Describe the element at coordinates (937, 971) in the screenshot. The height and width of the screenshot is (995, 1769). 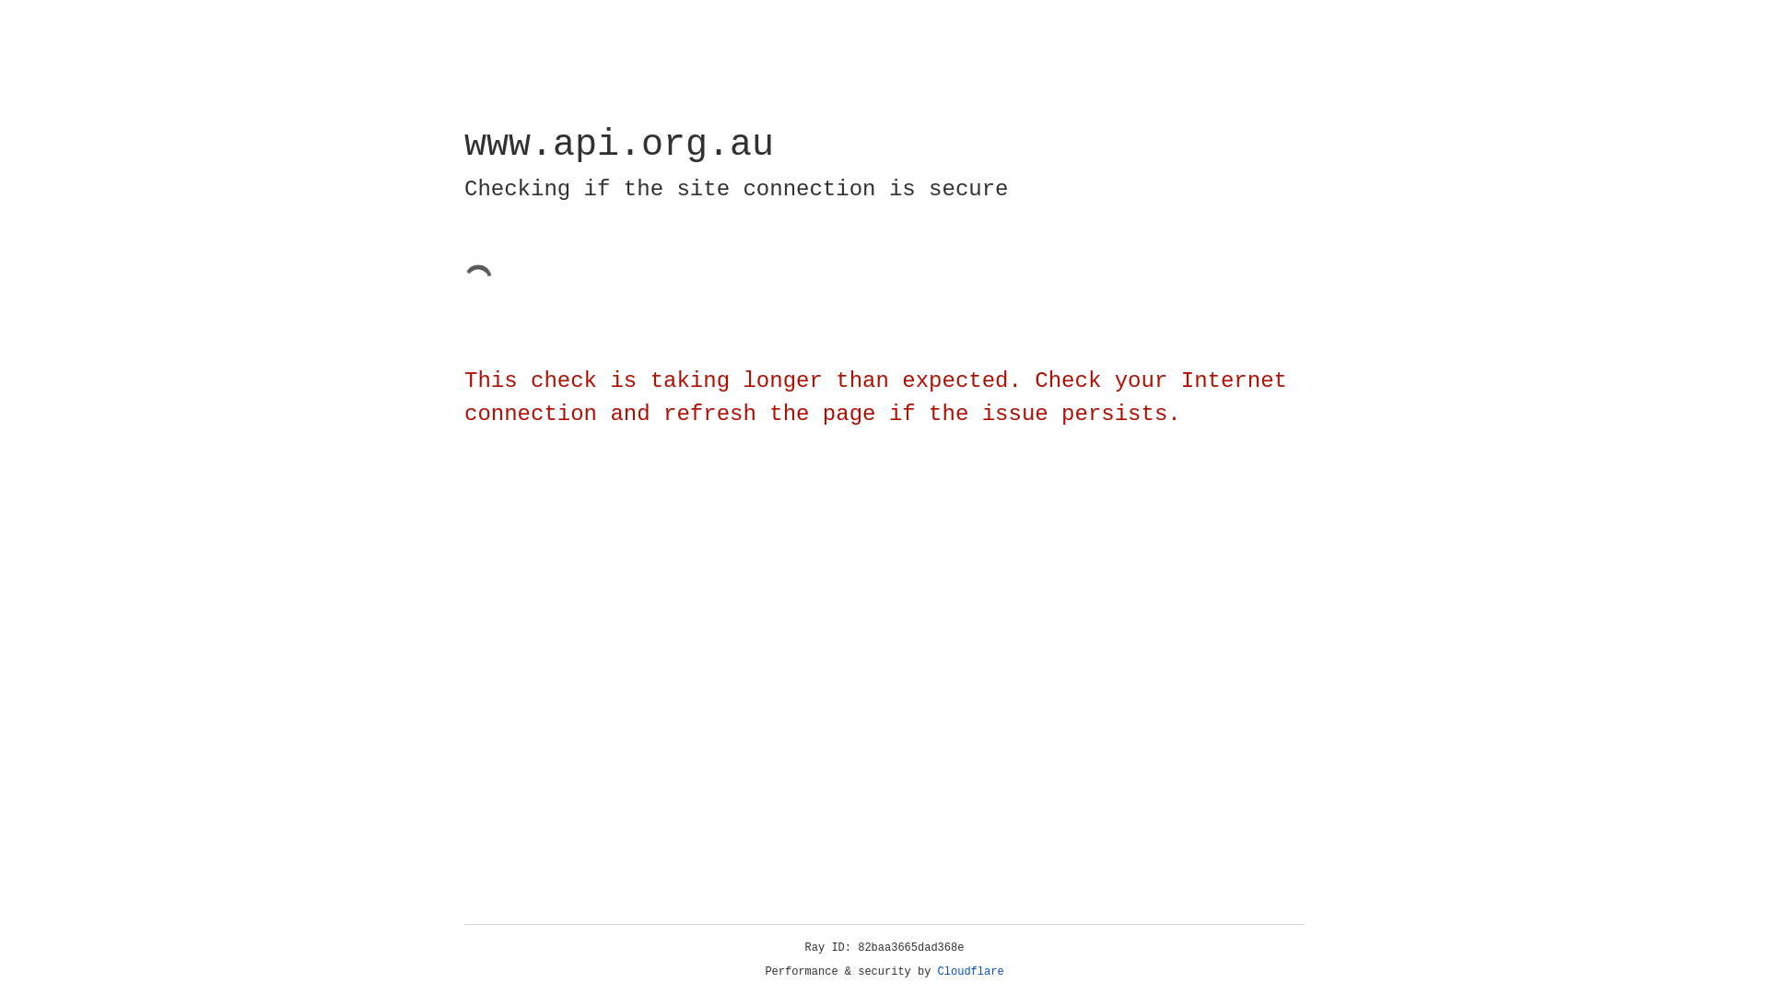
I see `'Cloudflare'` at that location.